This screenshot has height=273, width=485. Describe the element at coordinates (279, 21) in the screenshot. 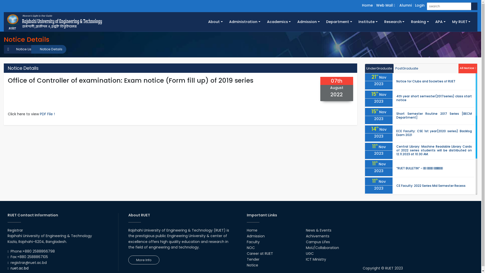

I see `'Academics'` at that location.